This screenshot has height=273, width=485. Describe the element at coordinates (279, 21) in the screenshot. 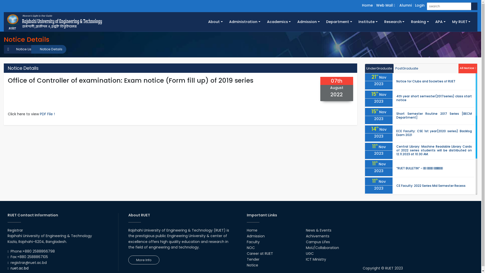

I see `'Academics'` at that location.